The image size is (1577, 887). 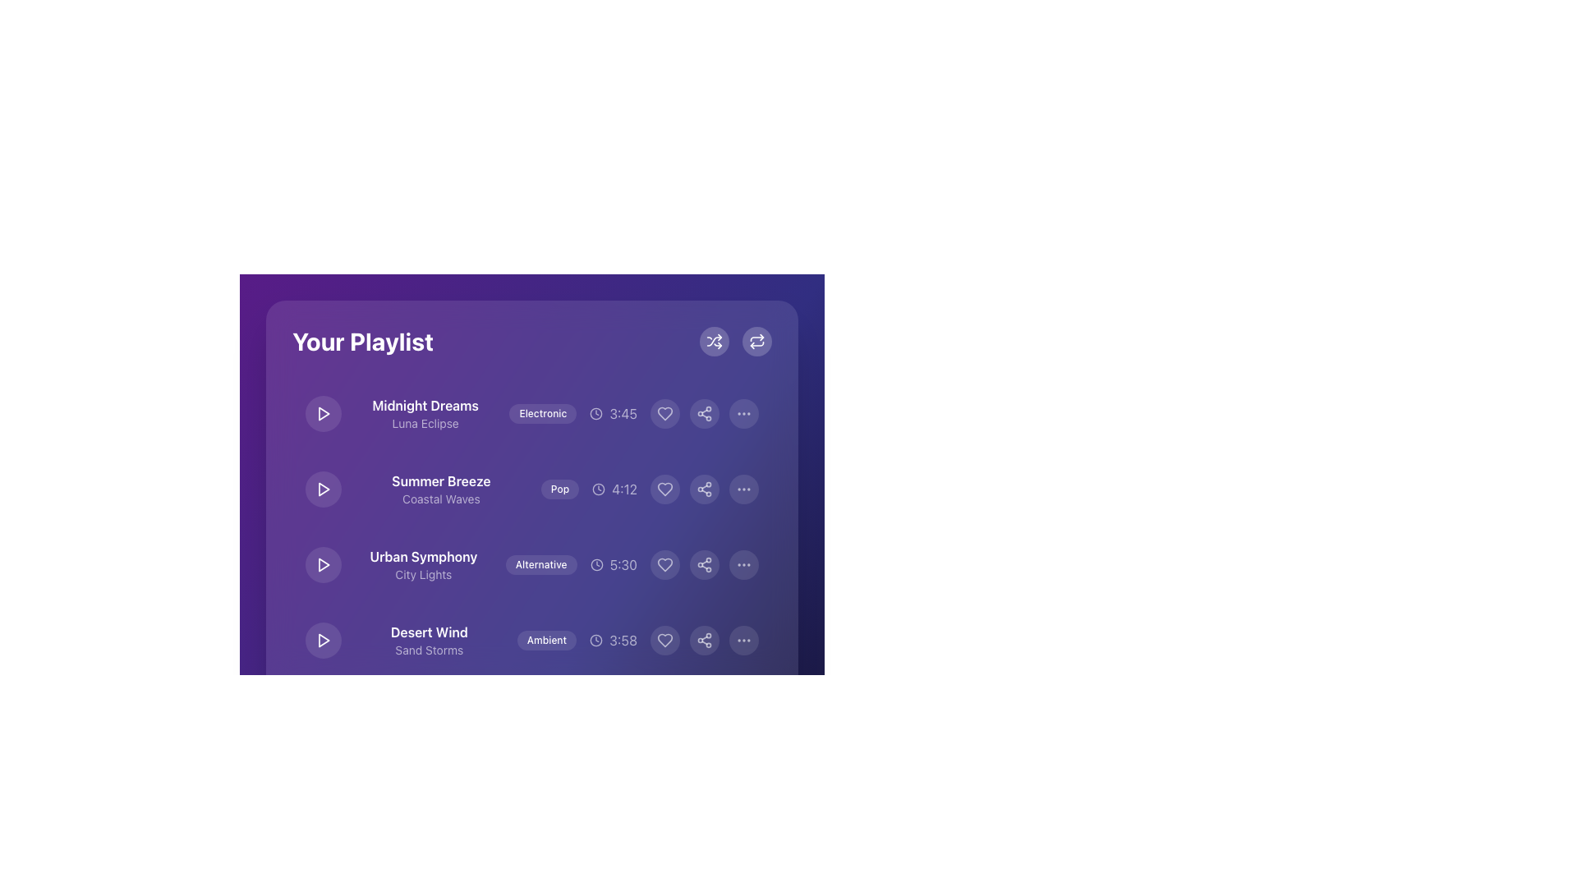 I want to click on the time-related icon that signifies the duration of the song 'Midnight Dreams', located in the first row of the playlist, directly to the right of the 'Electronic' genre tag, so click(x=595, y=413).